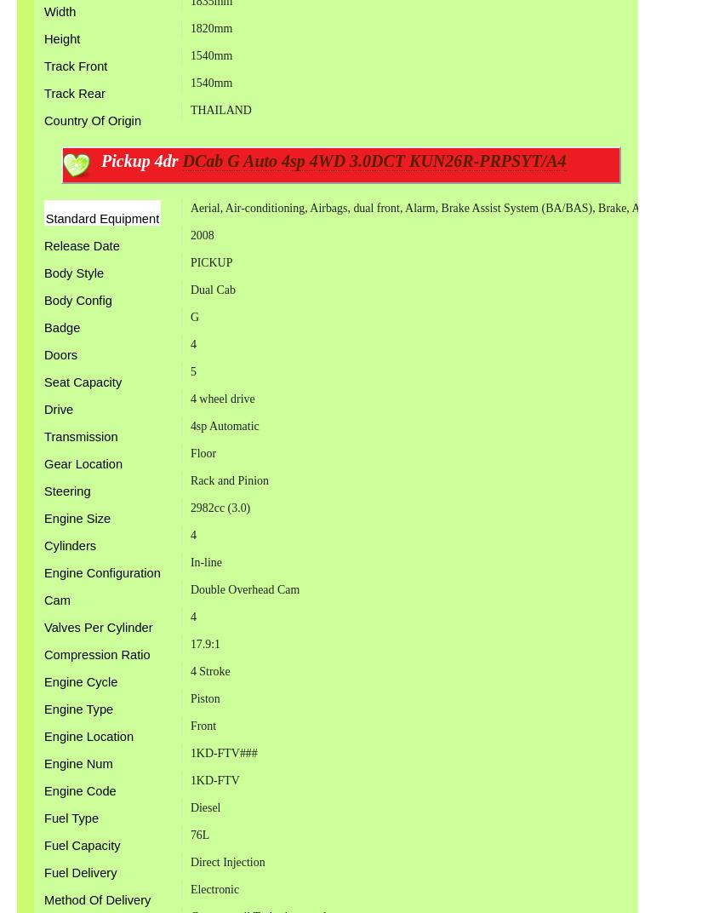 This screenshot has height=913, width=719. Describe the element at coordinates (188, 643) in the screenshot. I see `'17.9:1'` at that location.